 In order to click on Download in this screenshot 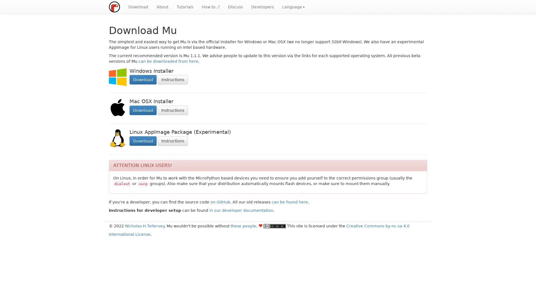, I will do `click(143, 79)`.